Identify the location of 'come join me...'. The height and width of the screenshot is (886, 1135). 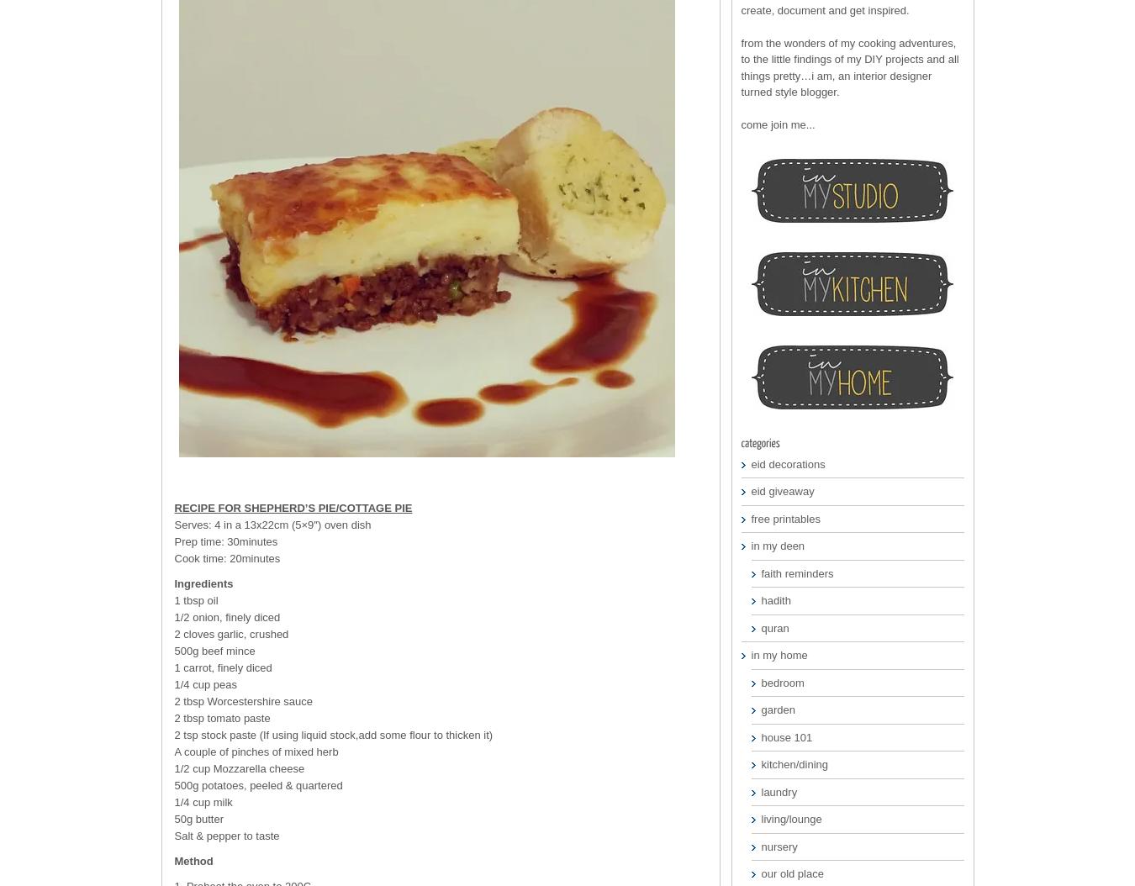
(777, 124).